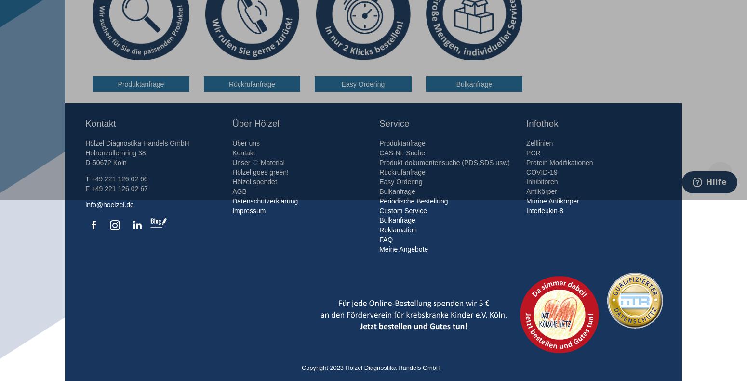 This screenshot has height=381, width=747. I want to click on 'Hohenzollernring 38', so click(115, 152).